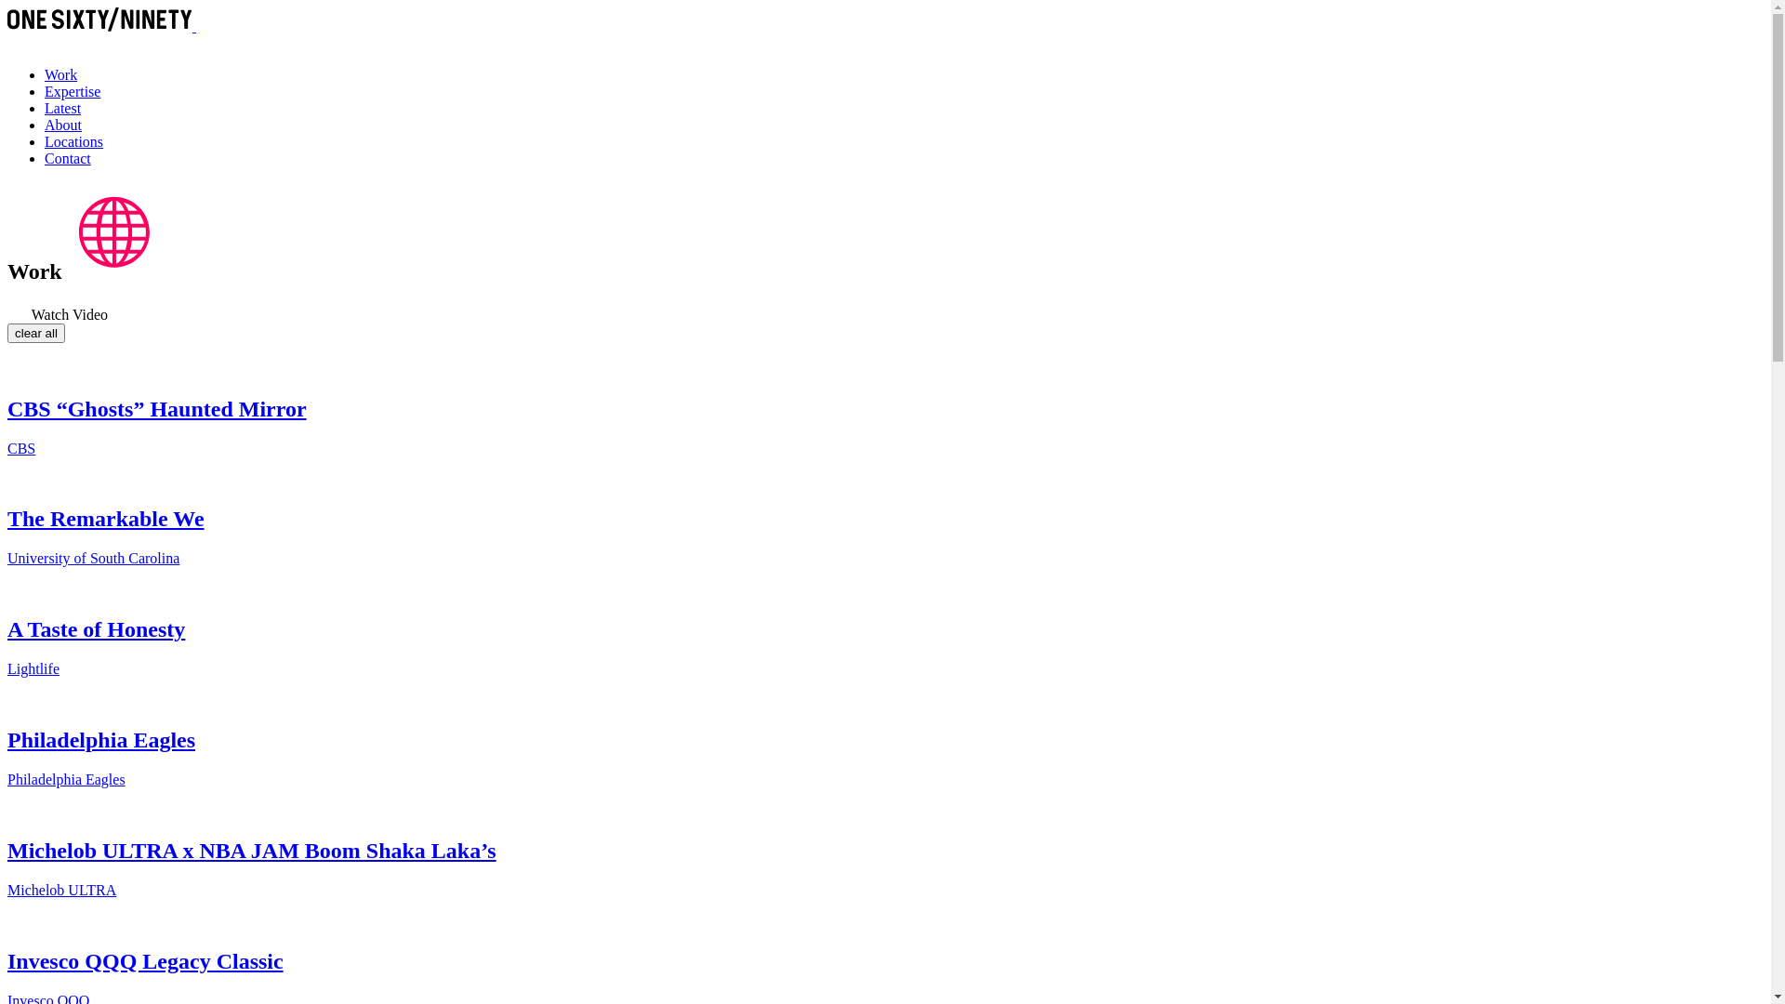  Describe the element at coordinates (62, 125) in the screenshot. I see `'About'` at that location.